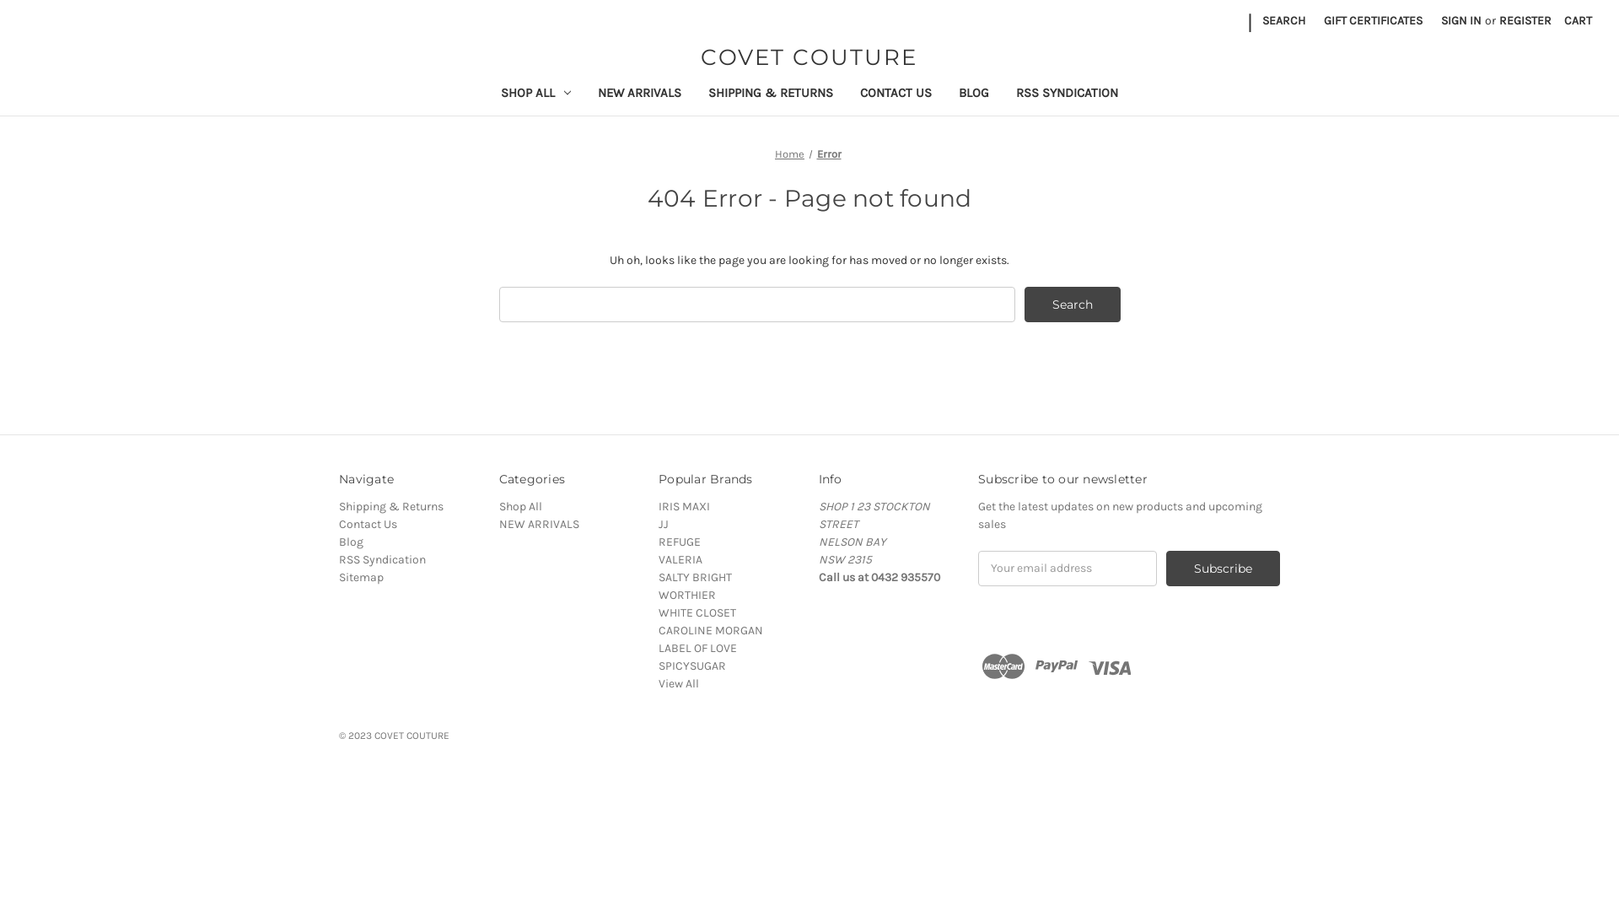 The image size is (1619, 911). What do you see at coordinates (691, 665) in the screenshot?
I see `'SPICYSUGAR'` at bounding box center [691, 665].